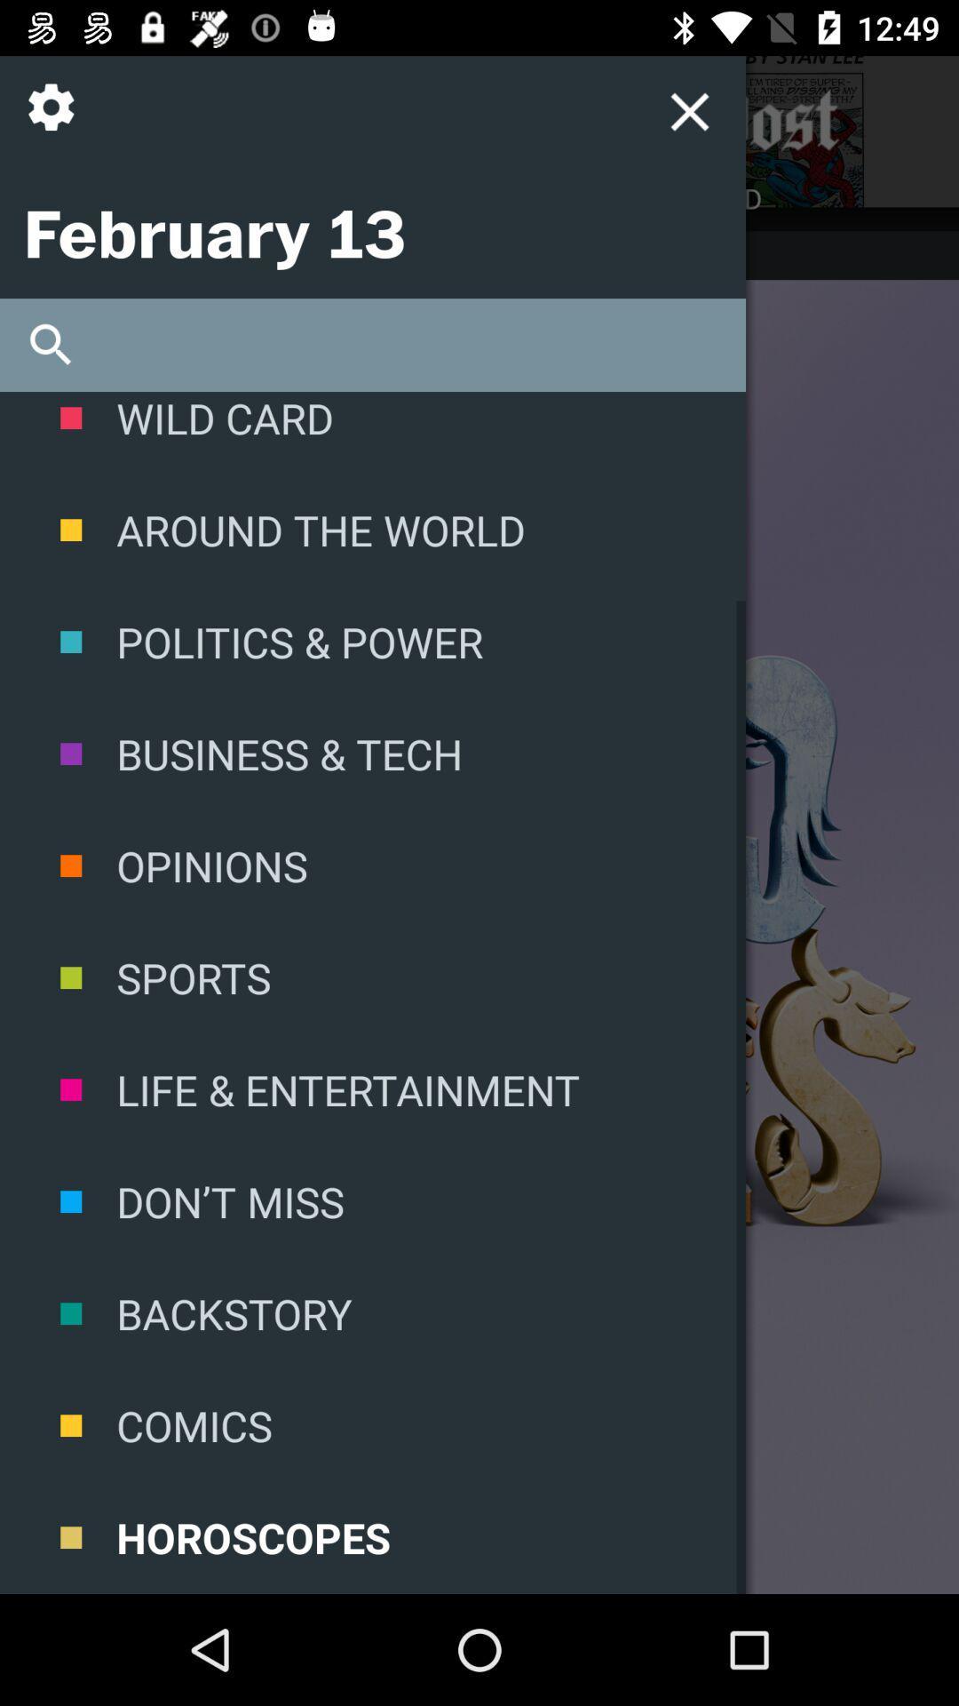 Image resolution: width=959 pixels, height=1706 pixels. What do you see at coordinates (240, 198) in the screenshot?
I see `the item next to the saved item` at bounding box center [240, 198].